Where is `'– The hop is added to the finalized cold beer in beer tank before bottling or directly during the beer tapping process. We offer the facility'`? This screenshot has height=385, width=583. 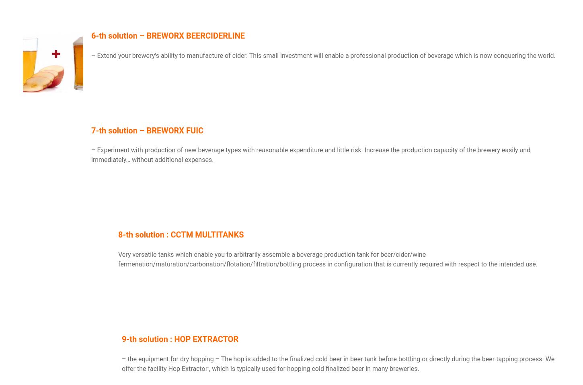 '– The hop is added to the finalized cold beer in beer tank before bottling or directly during the beer tapping process. We offer the facility' is located at coordinates (338, 363).